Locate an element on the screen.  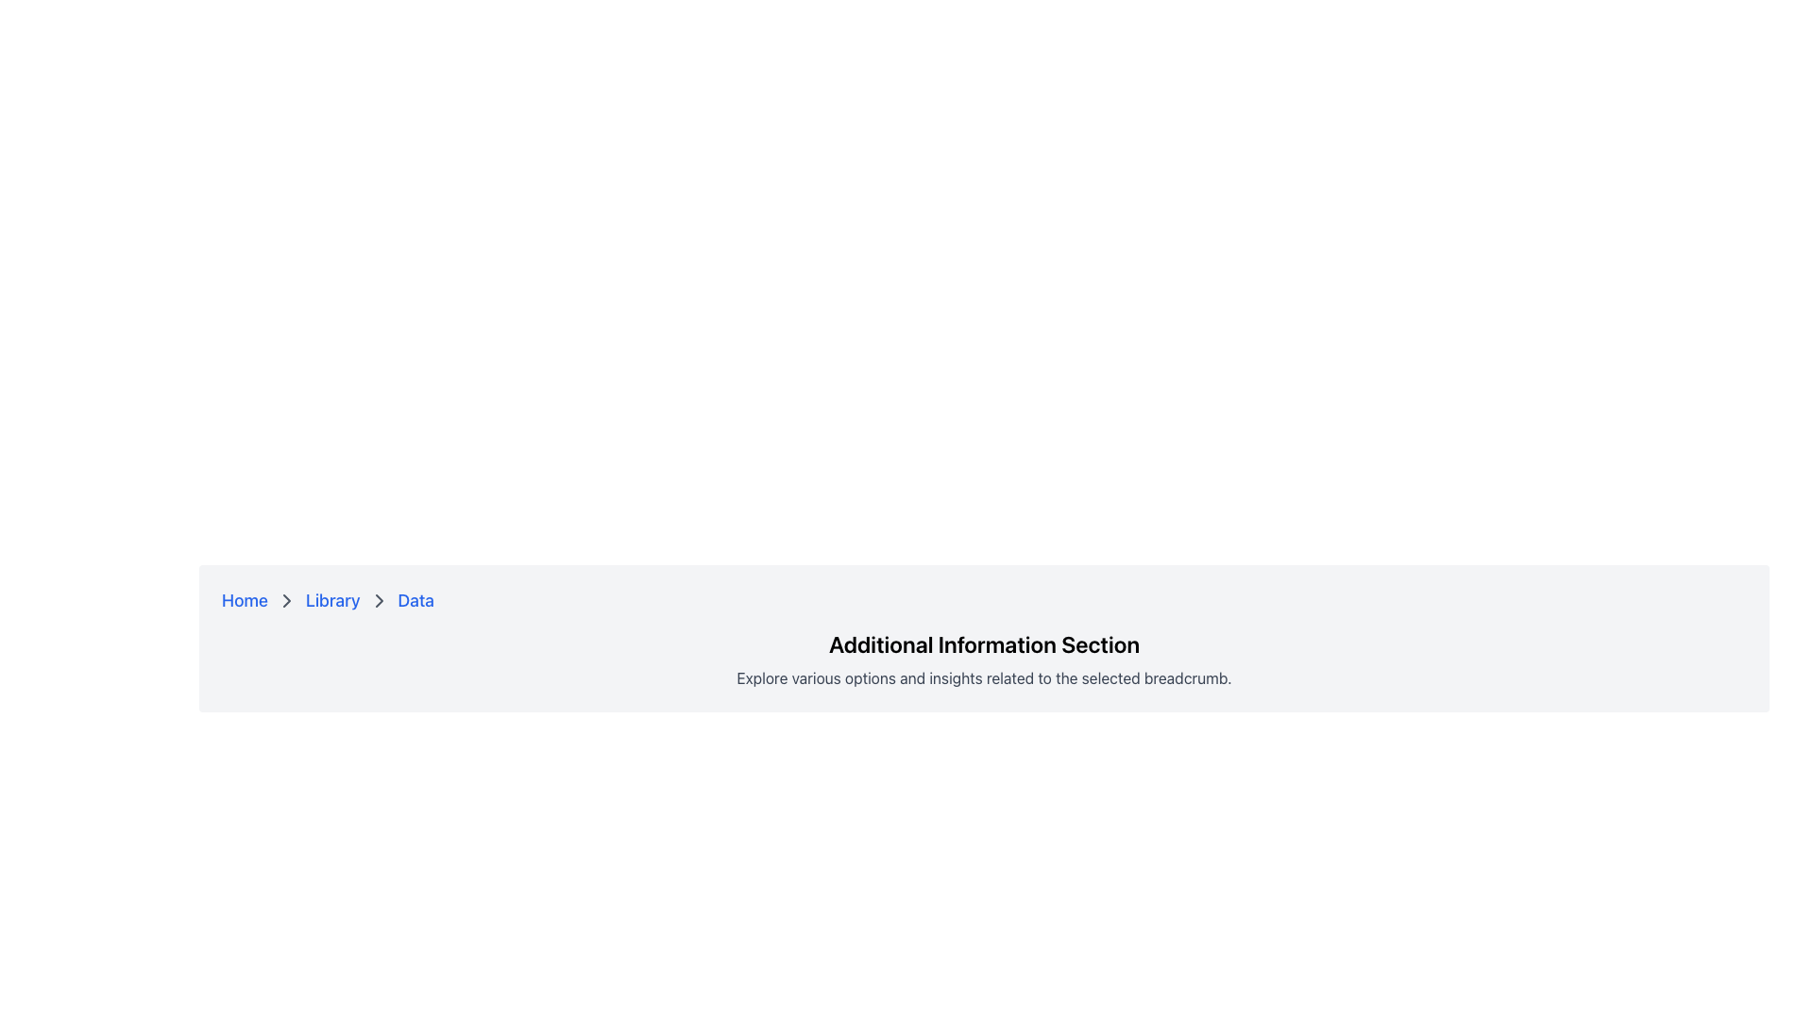
the 'Home' link in the breadcrumb navigation bar to trigger the color change effect is located at coordinates (244, 600).